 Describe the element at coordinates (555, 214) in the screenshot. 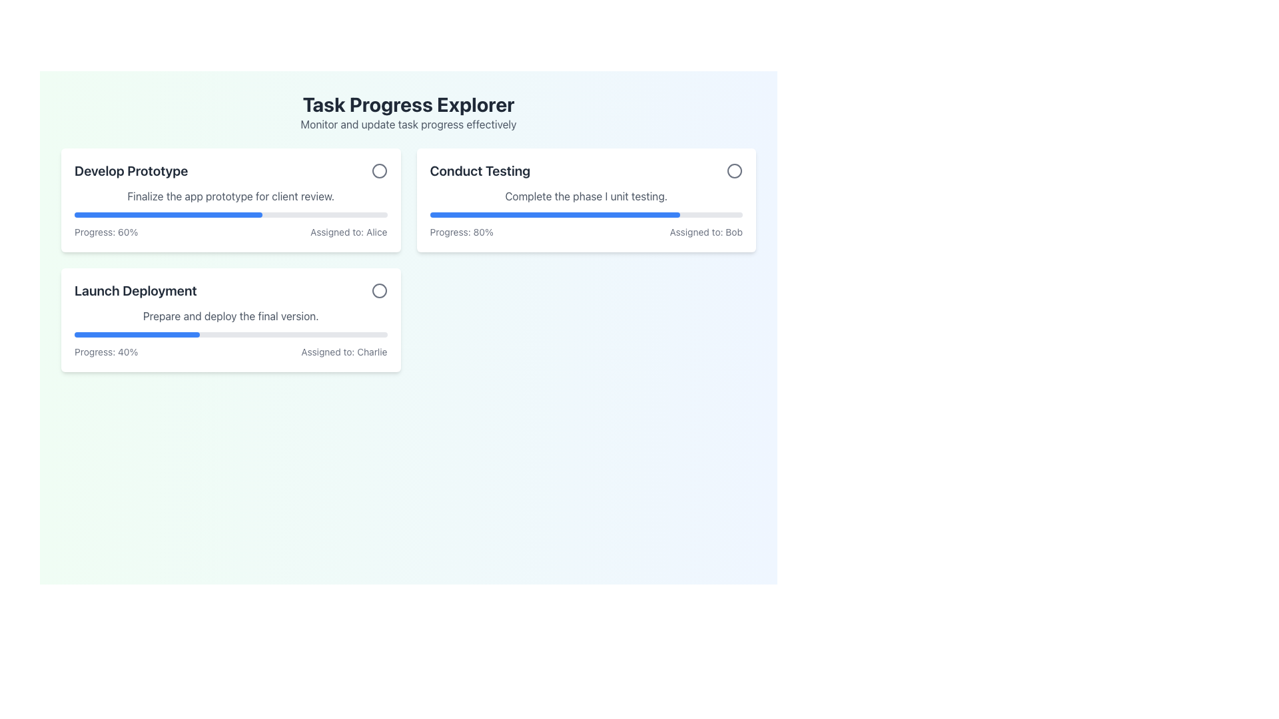

I see `the filled portion of the progress bar indicating 80% completion within the card titled 'Conduct Testing.'` at that location.